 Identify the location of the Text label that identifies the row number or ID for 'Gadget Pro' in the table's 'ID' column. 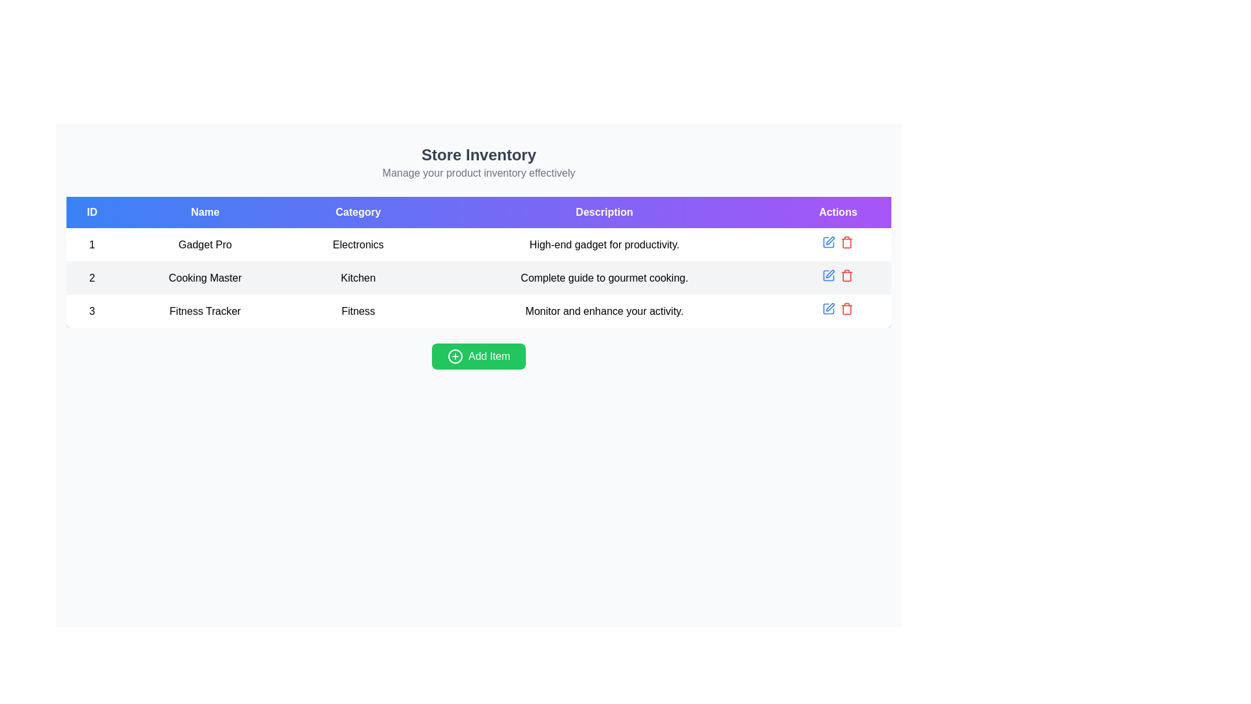
(91, 244).